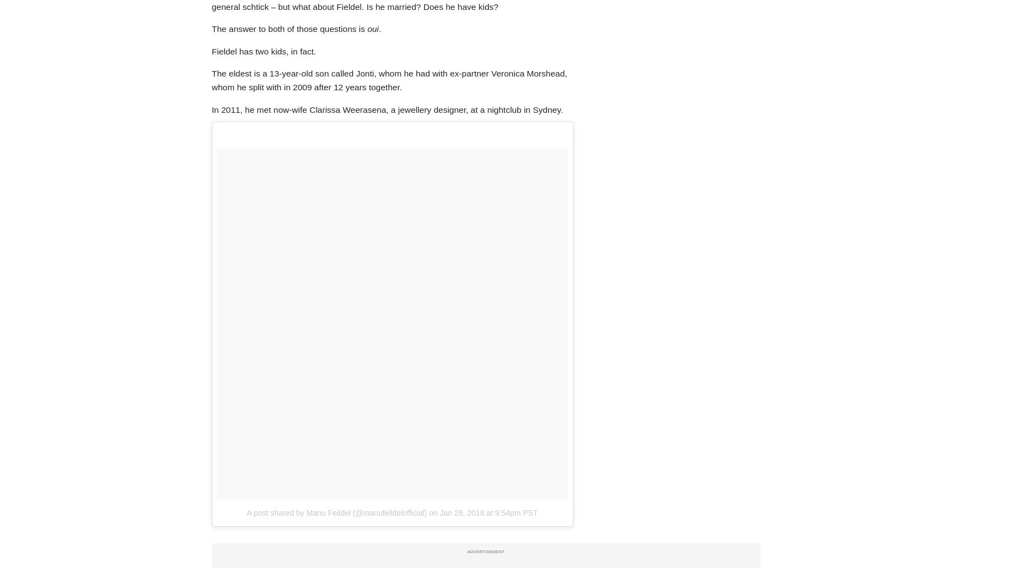 This screenshot has height=568, width=1015. Describe the element at coordinates (433, 511) in the screenshot. I see `'on'` at that location.